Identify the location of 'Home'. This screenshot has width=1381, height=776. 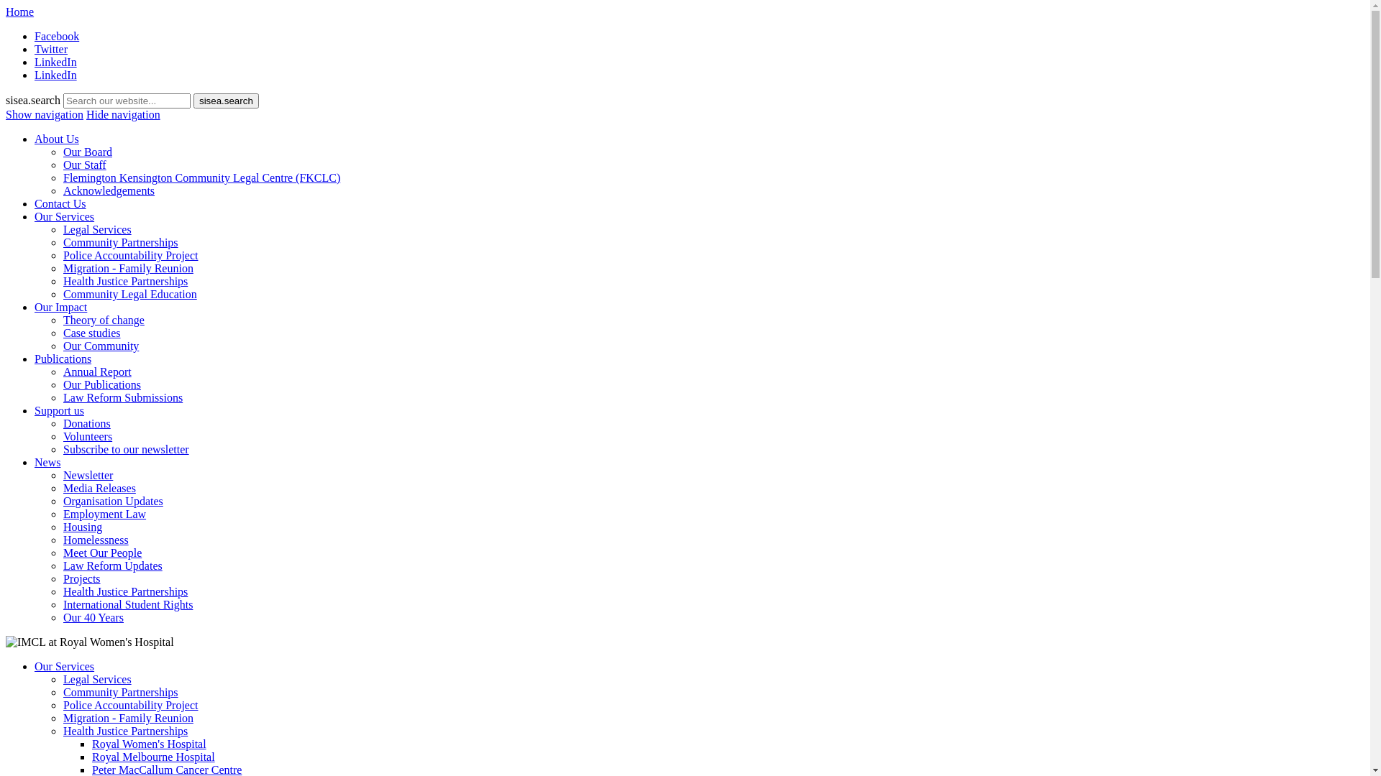
(19, 11).